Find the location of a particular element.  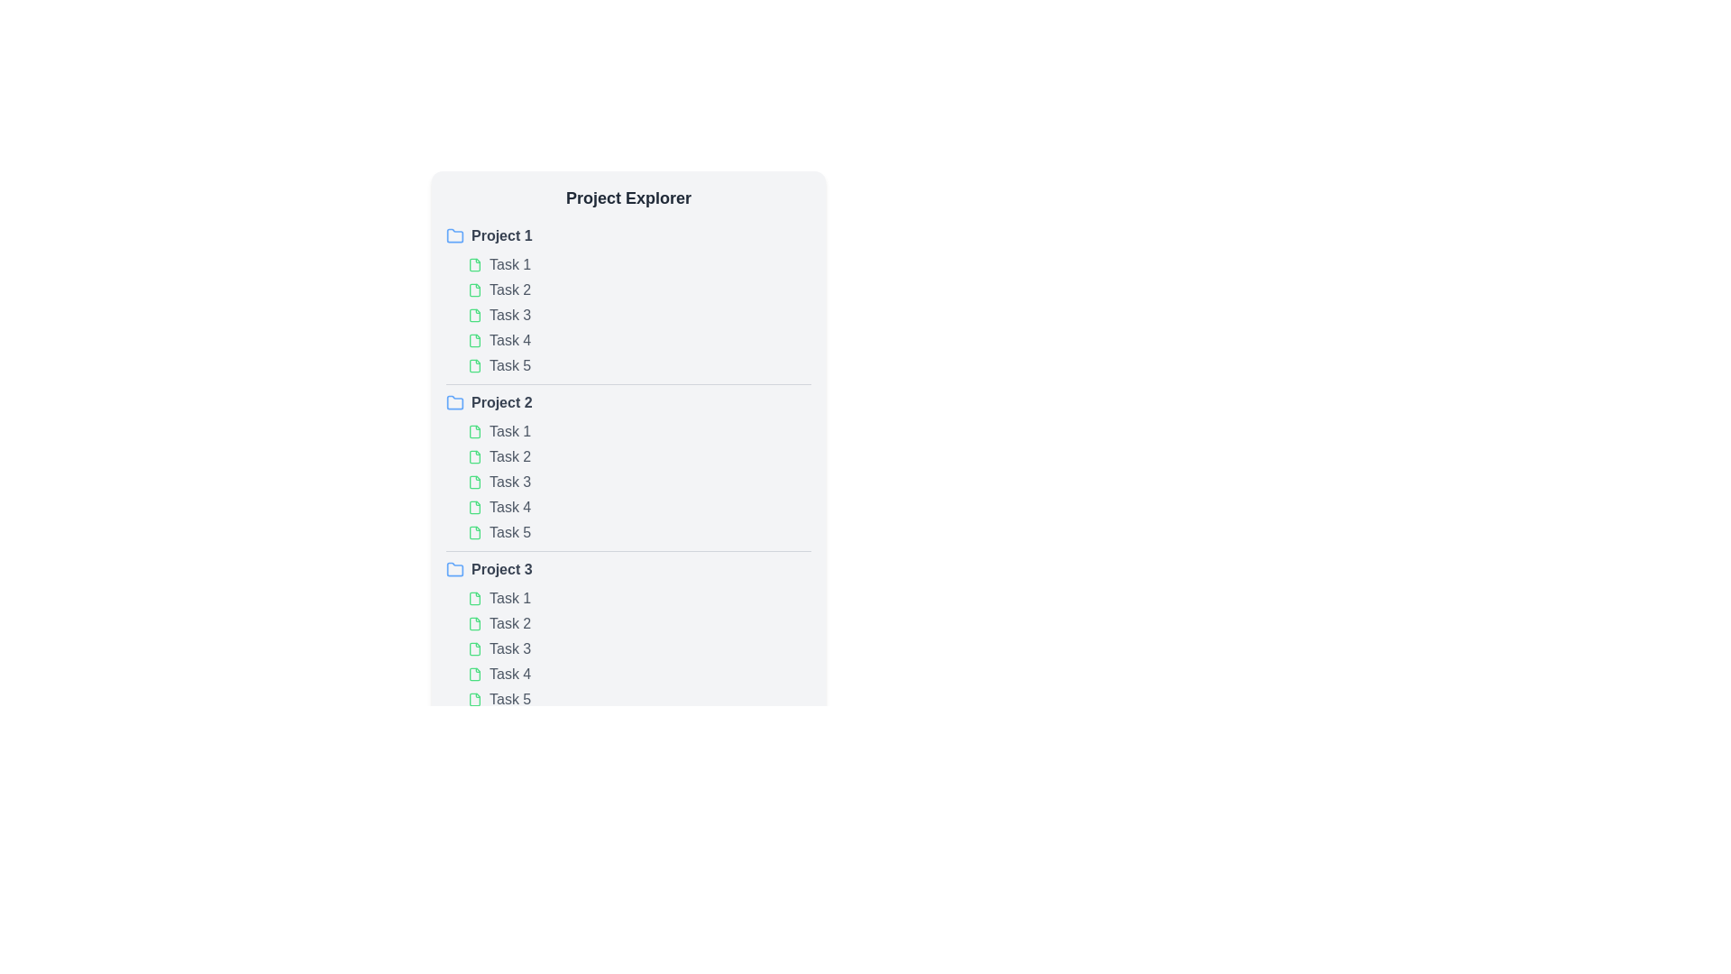

individual tasks within the List Section for the project 'Project 3' is located at coordinates (628, 638).